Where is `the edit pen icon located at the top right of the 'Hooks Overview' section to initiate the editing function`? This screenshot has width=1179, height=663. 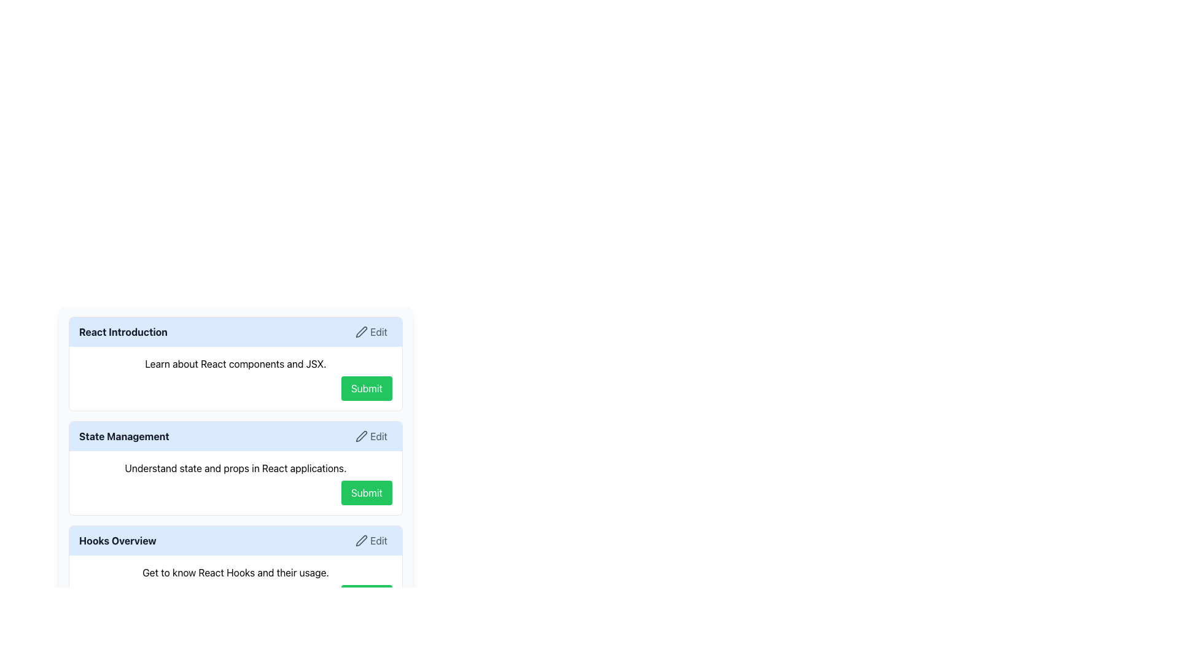
the edit pen icon located at the top right of the 'Hooks Overview' section to initiate the editing function is located at coordinates (361, 540).